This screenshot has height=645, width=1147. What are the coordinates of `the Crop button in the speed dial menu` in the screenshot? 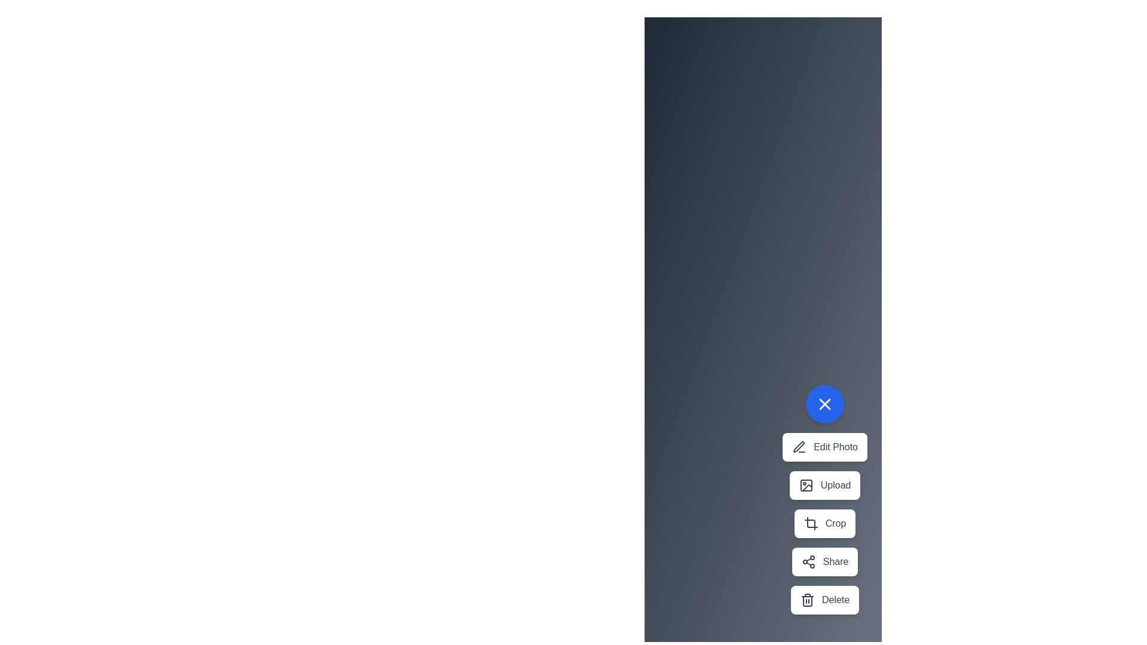 It's located at (824, 523).